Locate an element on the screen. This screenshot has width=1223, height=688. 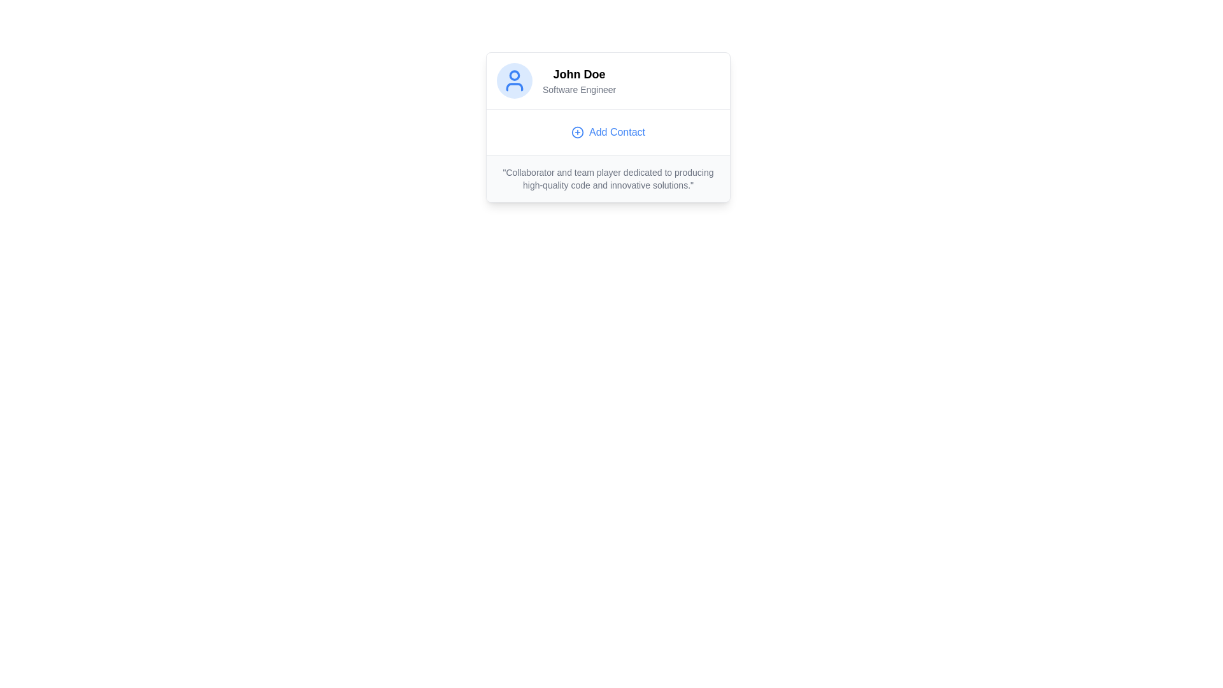
the text element containing the header 'John Doe' and subheader 'Software Engineer', which is positioned to the right of a blue circular user icon in the card component is located at coordinates (578, 81).